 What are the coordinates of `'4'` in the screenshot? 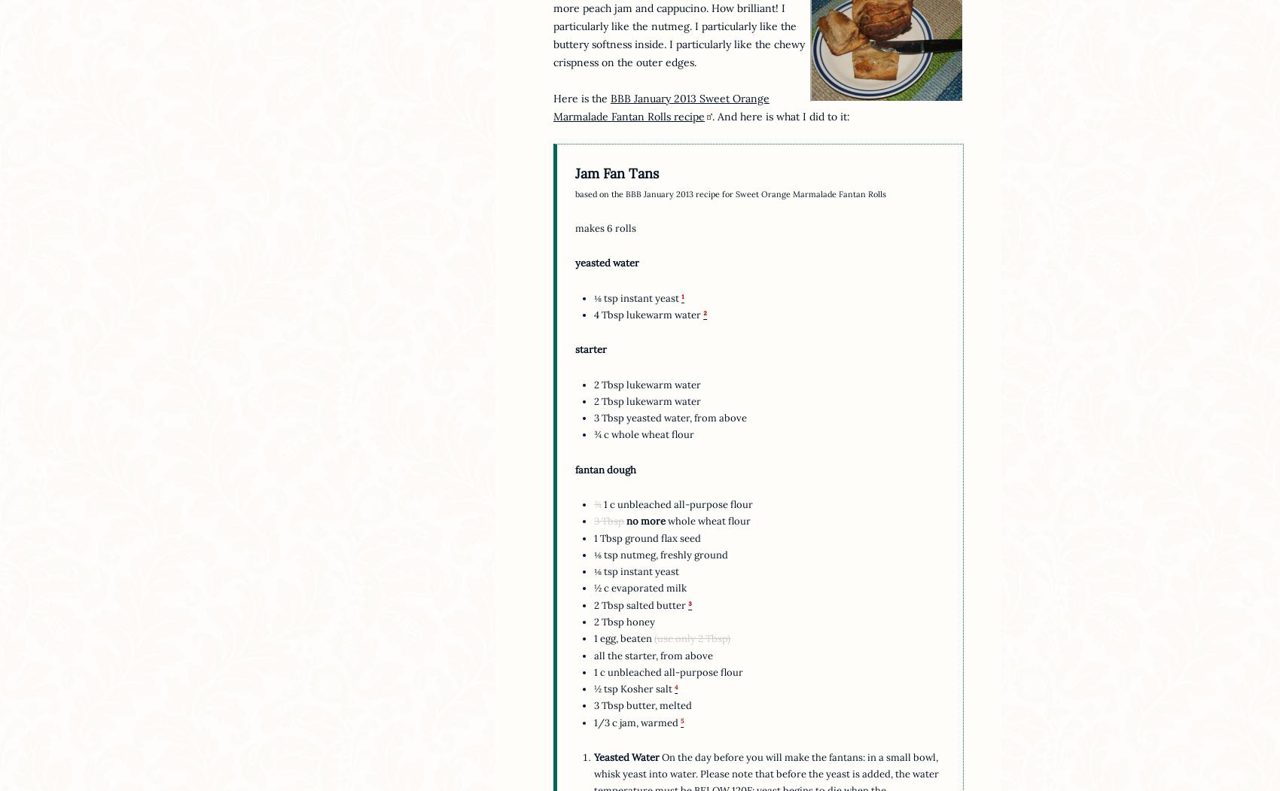 It's located at (675, 687).